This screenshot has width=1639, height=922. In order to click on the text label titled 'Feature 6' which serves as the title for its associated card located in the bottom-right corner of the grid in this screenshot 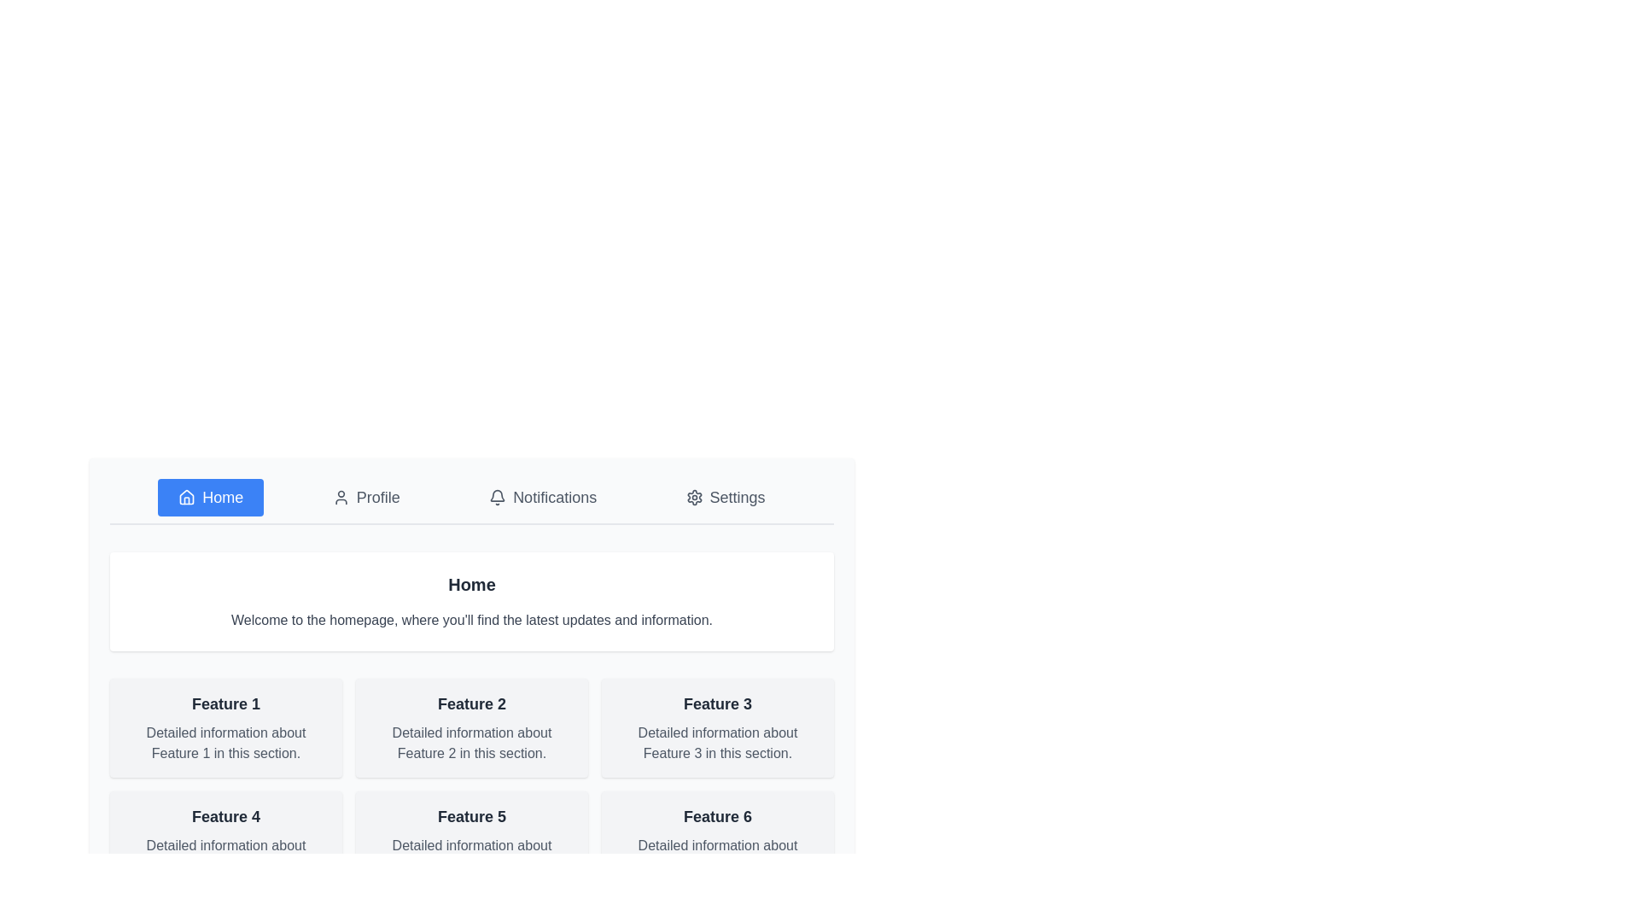, I will do `click(717, 815)`.